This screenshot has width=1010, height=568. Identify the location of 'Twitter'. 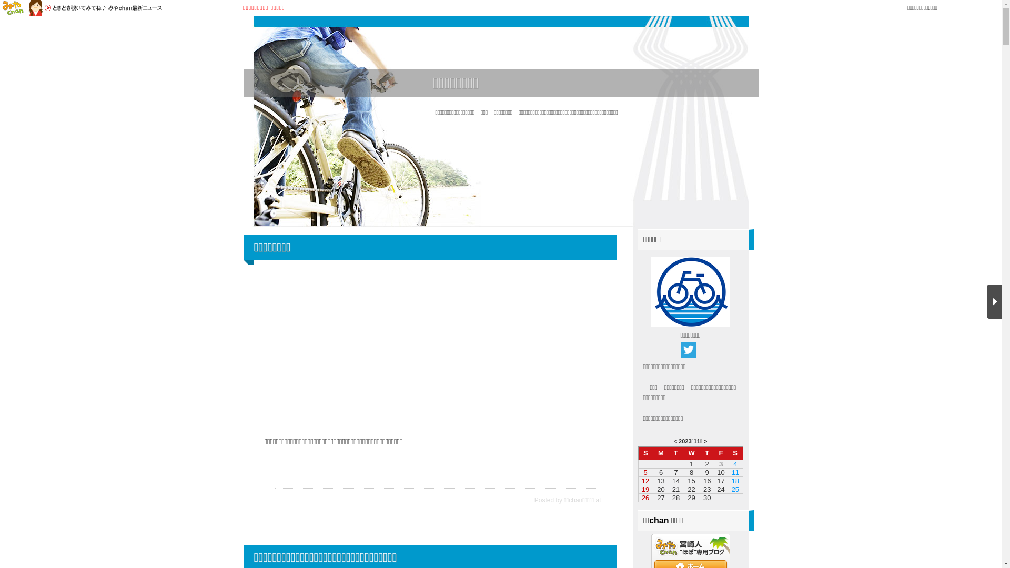
(689, 349).